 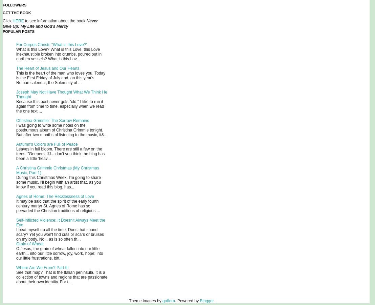 What do you see at coordinates (58, 54) in the screenshot?
I see `'What is this Love?   What is this Love, this Love inexhaustible broken into crumbs,   poured out in earthen vessels? What is this Lov...'` at bounding box center [58, 54].